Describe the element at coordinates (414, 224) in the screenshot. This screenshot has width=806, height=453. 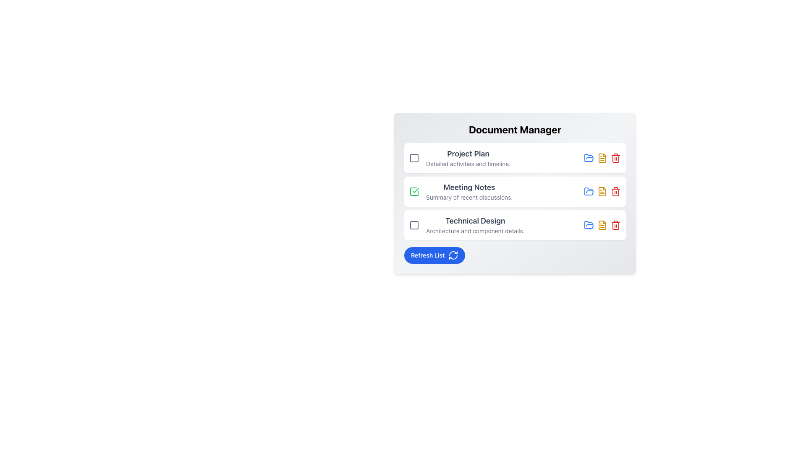
I see `the unselected square-shaped checkbox outlined in gray, located to the left of the 'Technical Design' label in the Document Manager interface` at that location.